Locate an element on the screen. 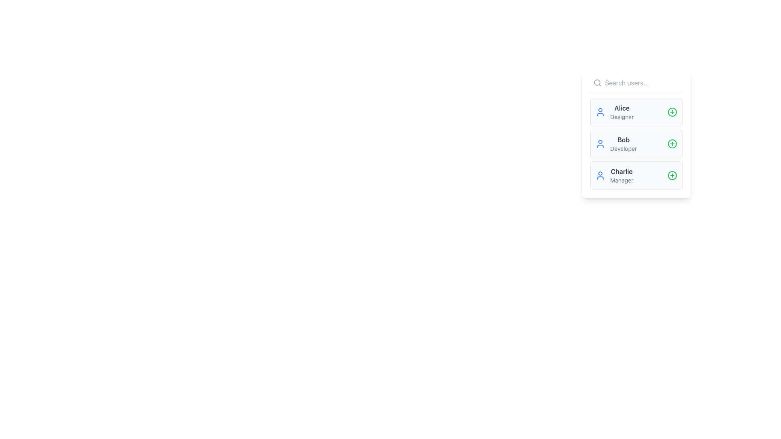  the text label representing the user role associated with 'Charlie,' located directly below the name in the list item box is located at coordinates (621, 180).